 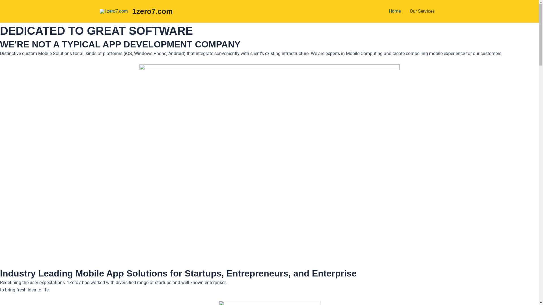 What do you see at coordinates (394, 11) in the screenshot?
I see `'Home'` at bounding box center [394, 11].